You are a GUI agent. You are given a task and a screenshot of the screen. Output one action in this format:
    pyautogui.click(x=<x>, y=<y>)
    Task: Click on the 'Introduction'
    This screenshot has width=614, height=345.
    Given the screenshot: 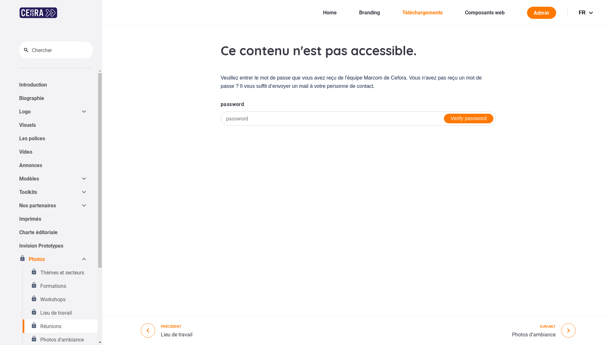 What is the action you would take?
    pyautogui.click(x=53, y=84)
    